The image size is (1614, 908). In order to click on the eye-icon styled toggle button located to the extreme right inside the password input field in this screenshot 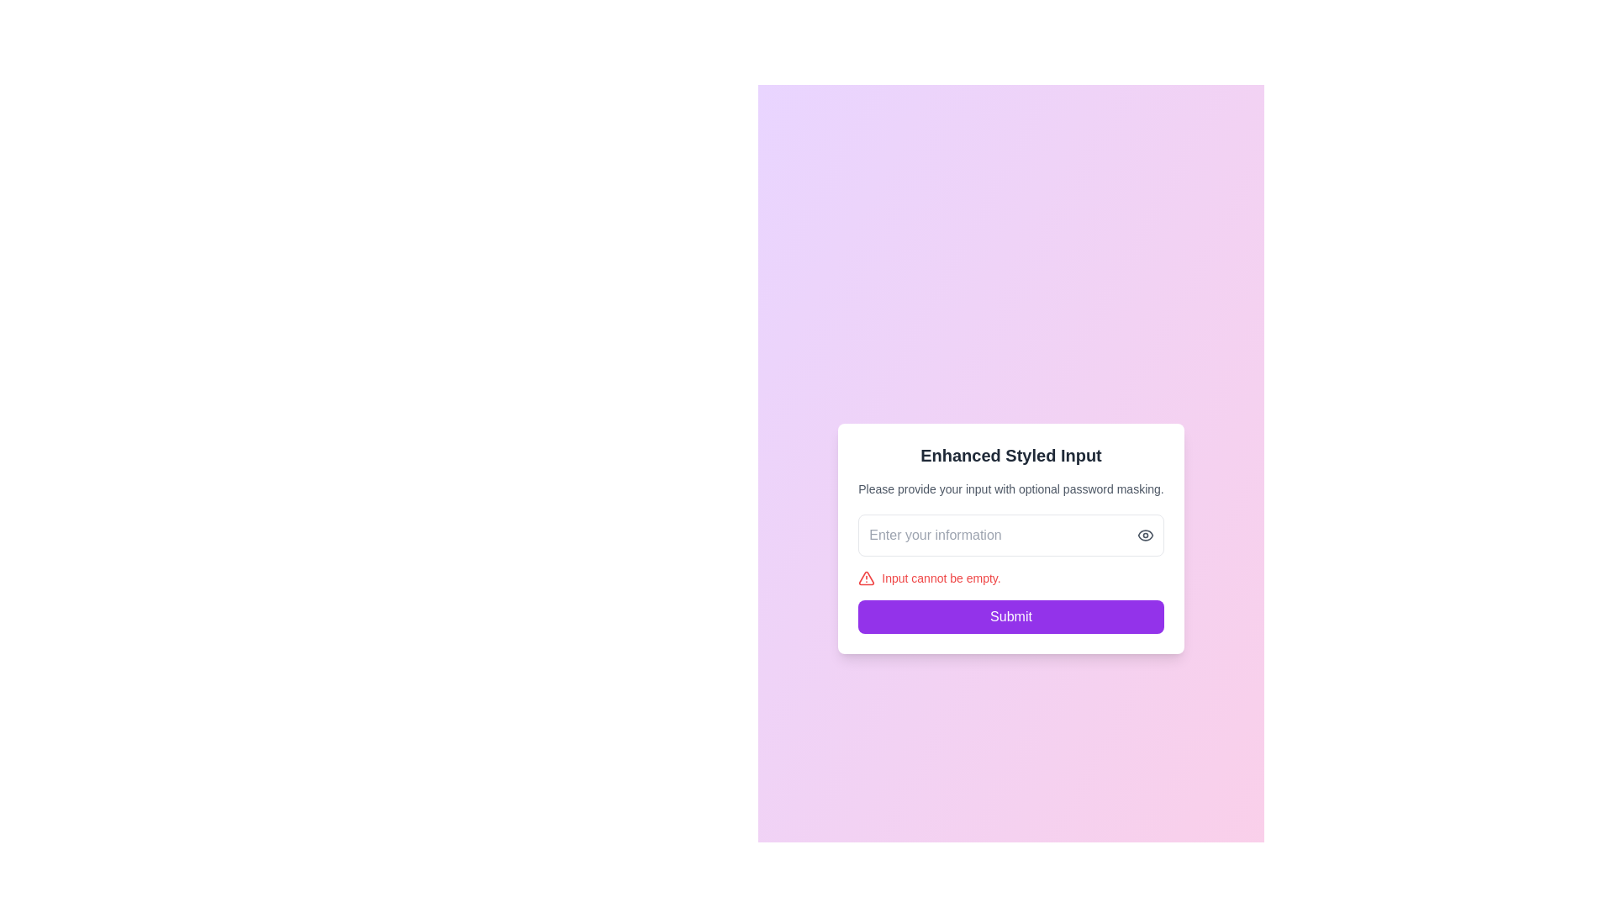, I will do `click(1144, 535)`.